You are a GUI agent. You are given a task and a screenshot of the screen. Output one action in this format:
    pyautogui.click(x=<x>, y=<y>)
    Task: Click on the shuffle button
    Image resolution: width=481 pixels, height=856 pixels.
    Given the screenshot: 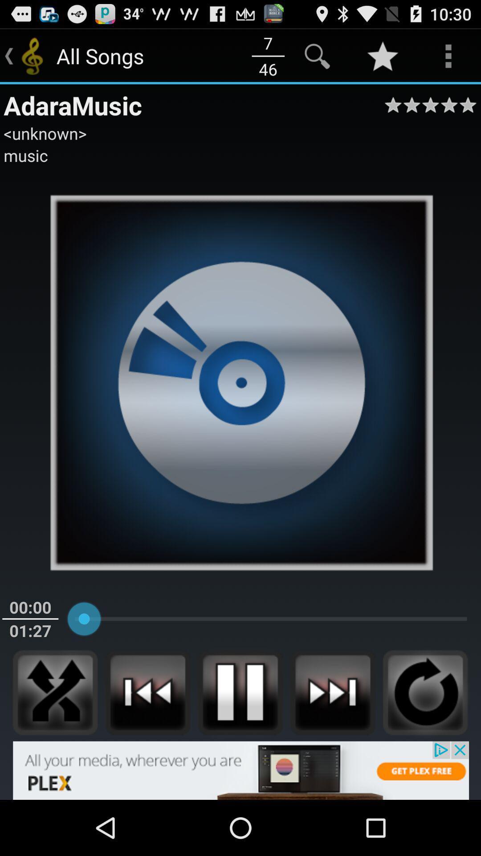 What is the action you would take?
    pyautogui.click(x=55, y=692)
    